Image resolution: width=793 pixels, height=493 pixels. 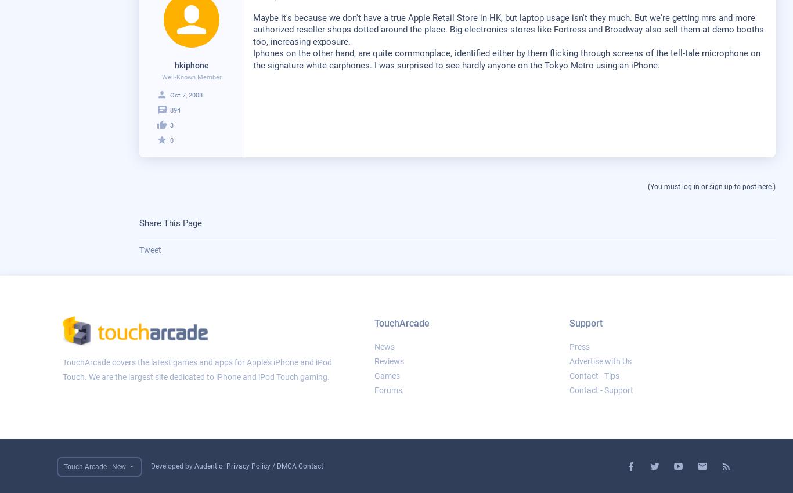 What do you see at coordinates (191, 64) in the screenshot?
I see `'hkiphone'` at bounding box center [191, 64].